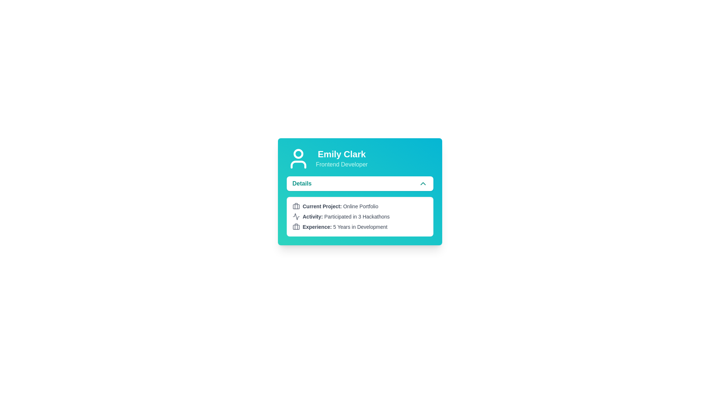 The width and height of the screenshot is (704, 396). What do you see at coordinates (360, 206) in the screenshot?
I see `the text block containing 'Current Project: Online Portfolio'` at bounding box center [360, 206].